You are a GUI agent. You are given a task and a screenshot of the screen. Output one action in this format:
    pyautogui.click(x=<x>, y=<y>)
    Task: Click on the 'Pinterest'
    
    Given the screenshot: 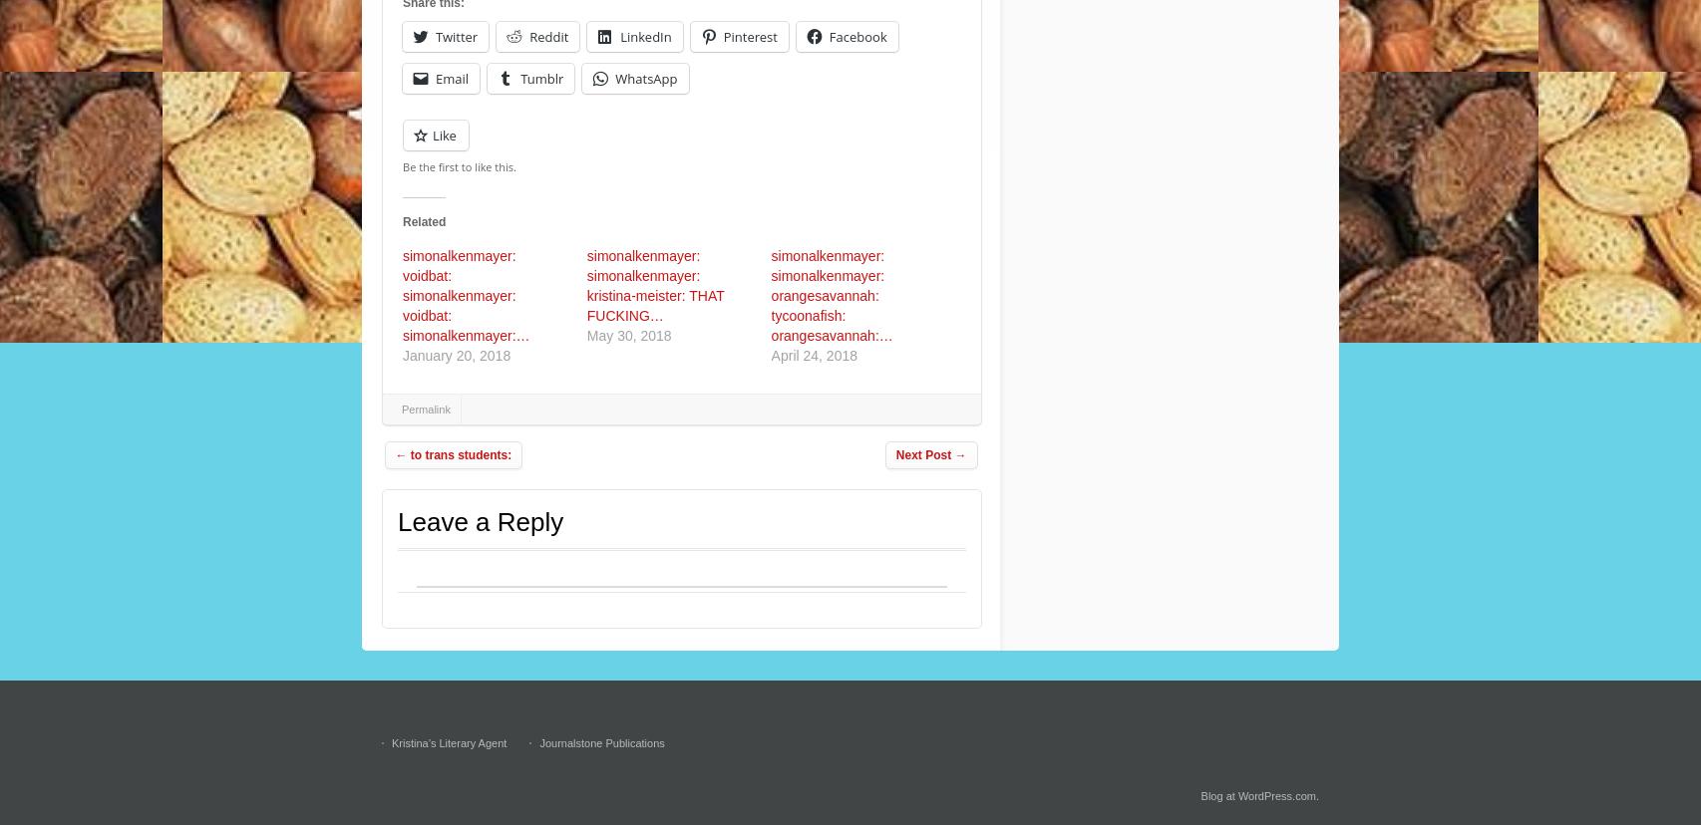 What is the action you would take?
    pyautogui.click(x=749, y=36)
    